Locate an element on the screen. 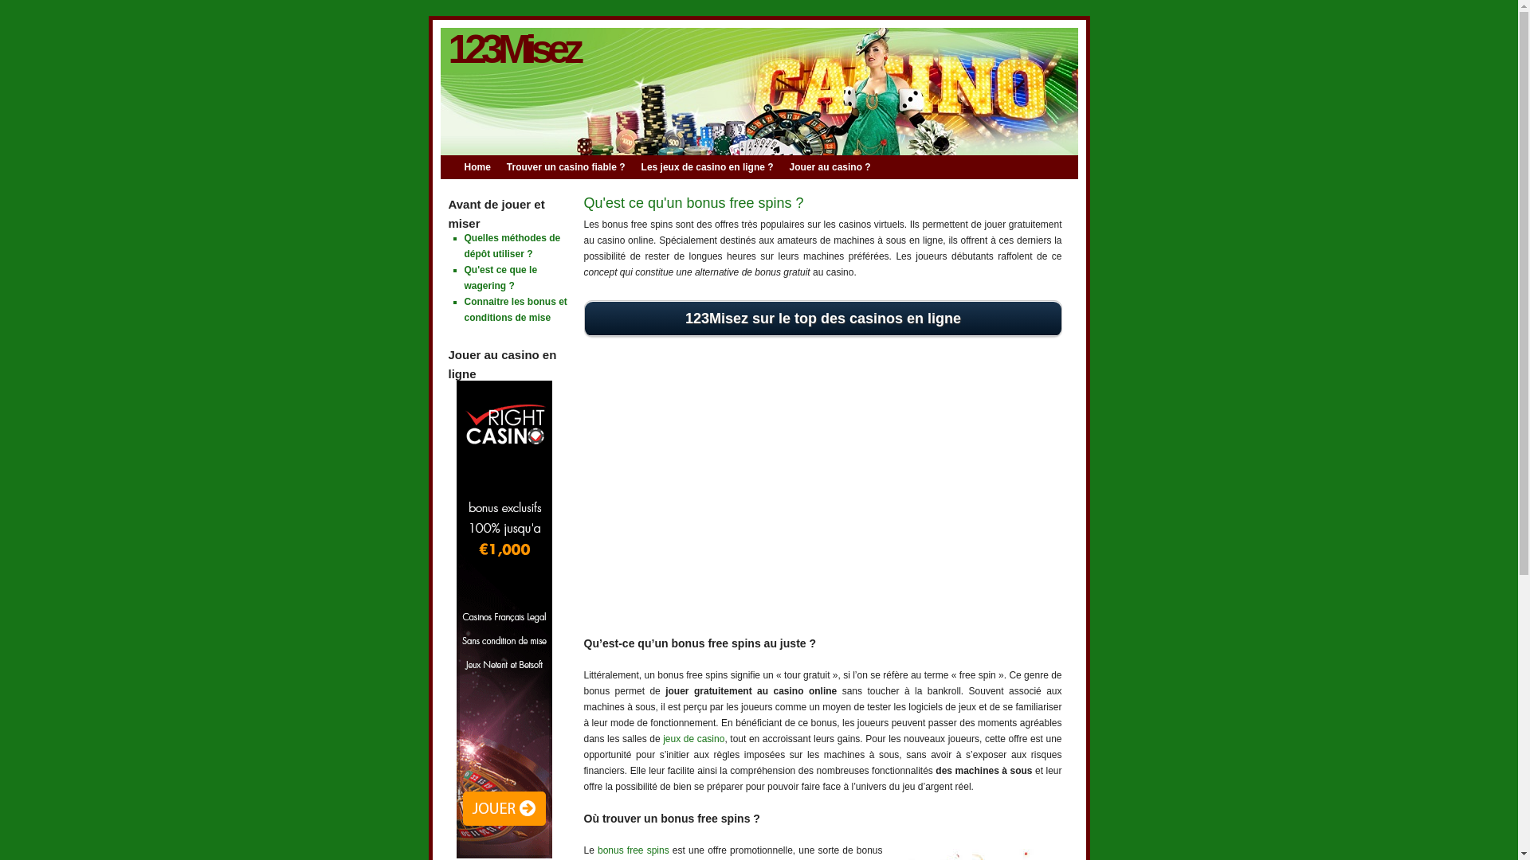 This screenshot has height=860, width=1530. '123Misez' is located at coordinates (512, 48).